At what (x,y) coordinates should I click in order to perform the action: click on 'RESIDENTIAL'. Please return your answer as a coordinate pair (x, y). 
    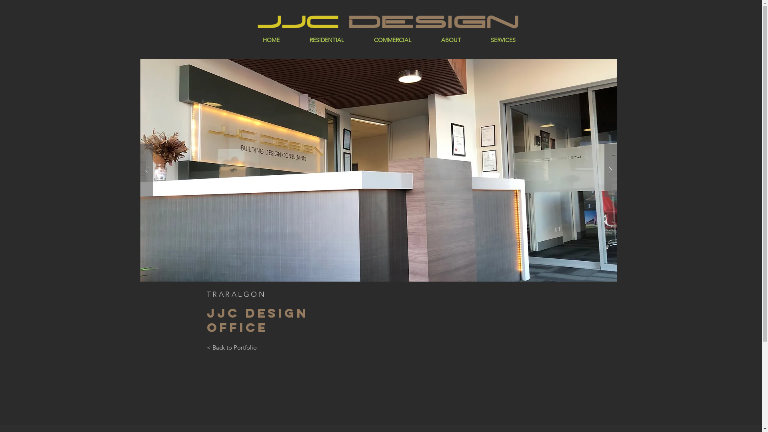
    Looking at the image, I should click on (326, 40).